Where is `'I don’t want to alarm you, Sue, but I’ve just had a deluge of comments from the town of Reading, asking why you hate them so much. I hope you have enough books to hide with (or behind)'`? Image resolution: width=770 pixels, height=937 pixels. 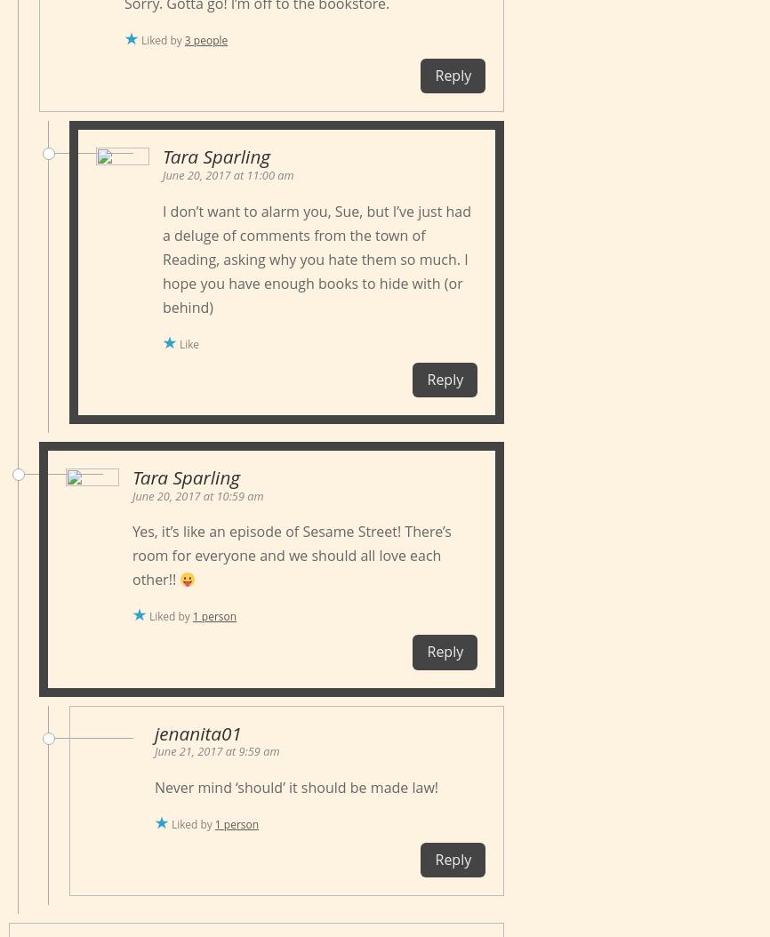
'I don’t want to alarm you, Sue, but I’ve just had a deluge of comments from the town of Reading, asking why you hate them so much. I hope you have enough books to hide with (or behind)' is located at coordinates (162, 258).